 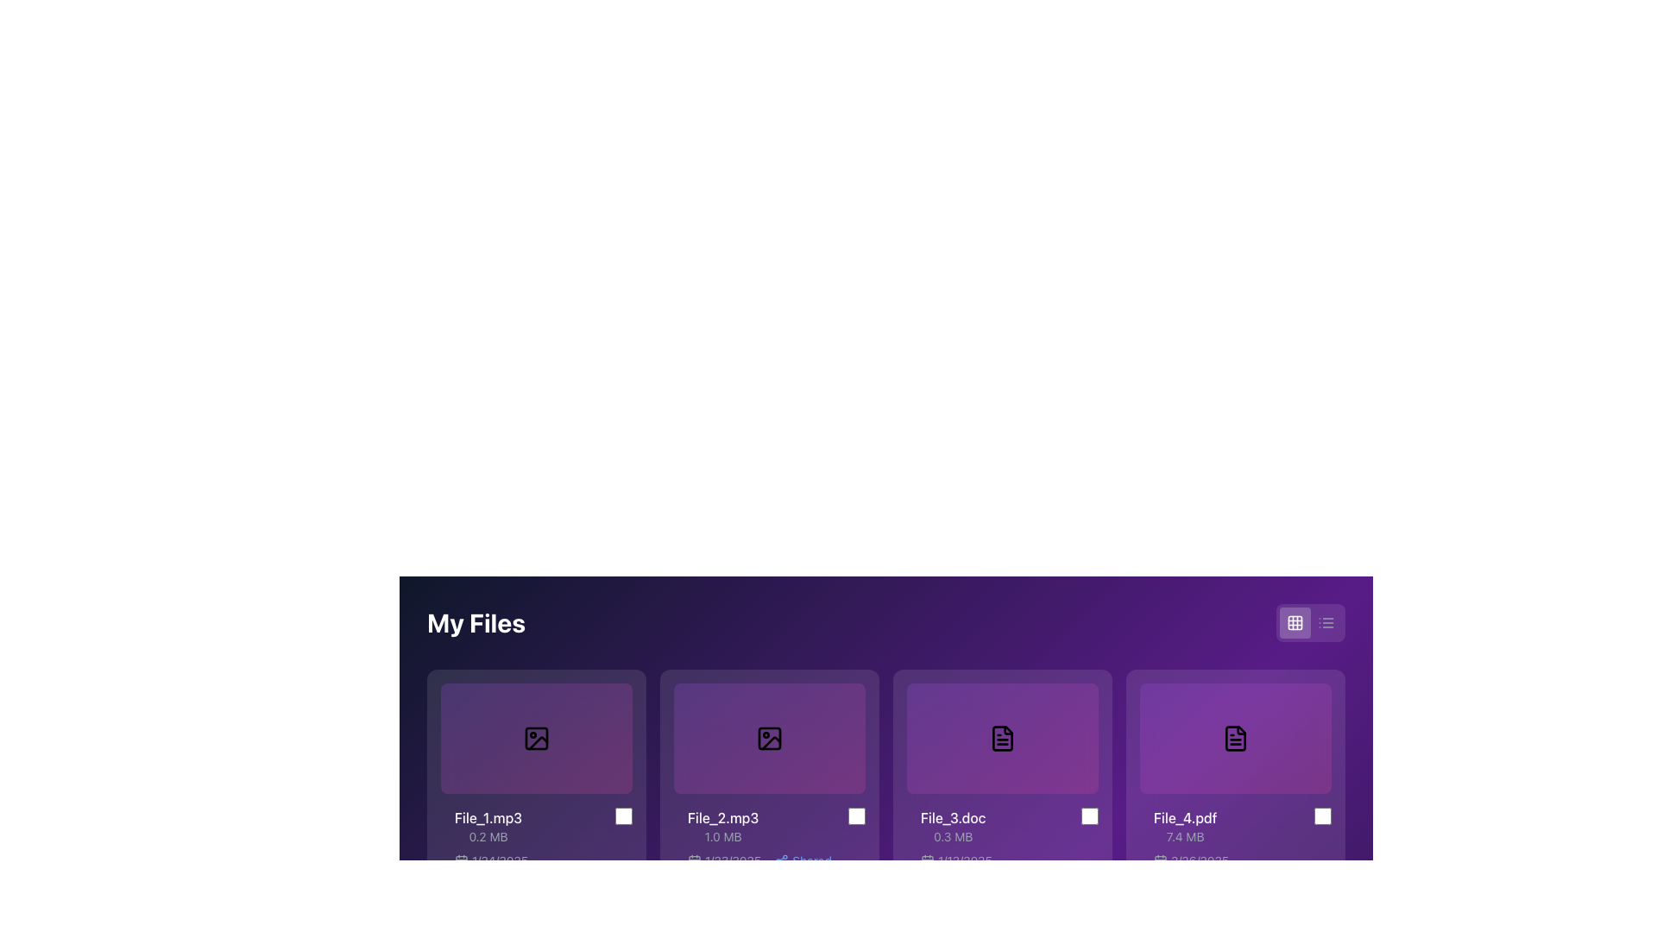 What do you see at coordinates (1325, 622) in the screenshot?
I see `the button located at the top-right corner of the section` at bounding box center [1325, 622].